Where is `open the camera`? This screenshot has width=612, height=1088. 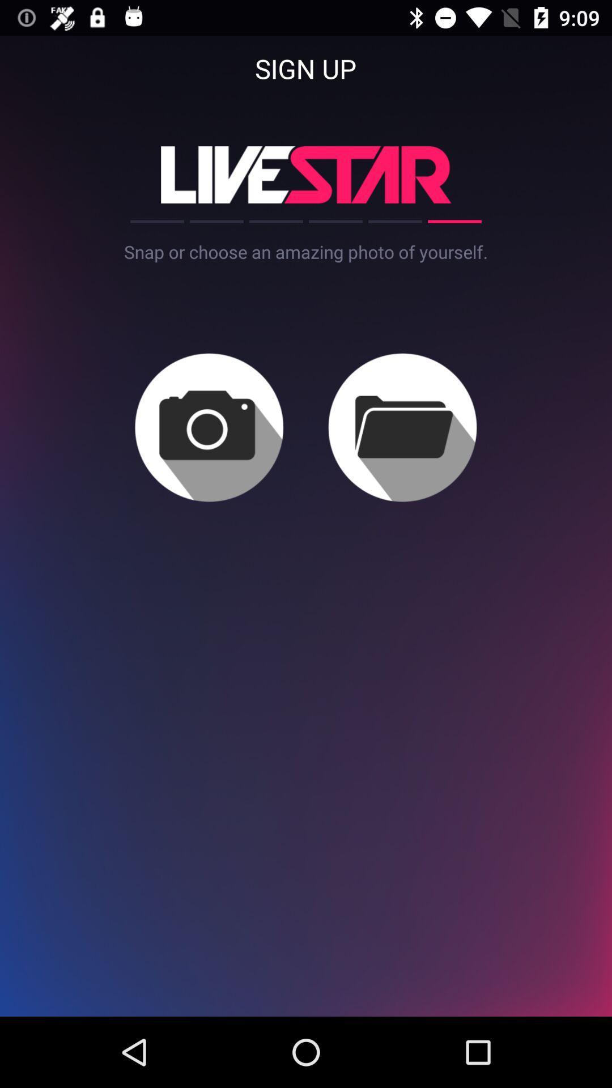 open the camera is located at coordinates (209, 427).